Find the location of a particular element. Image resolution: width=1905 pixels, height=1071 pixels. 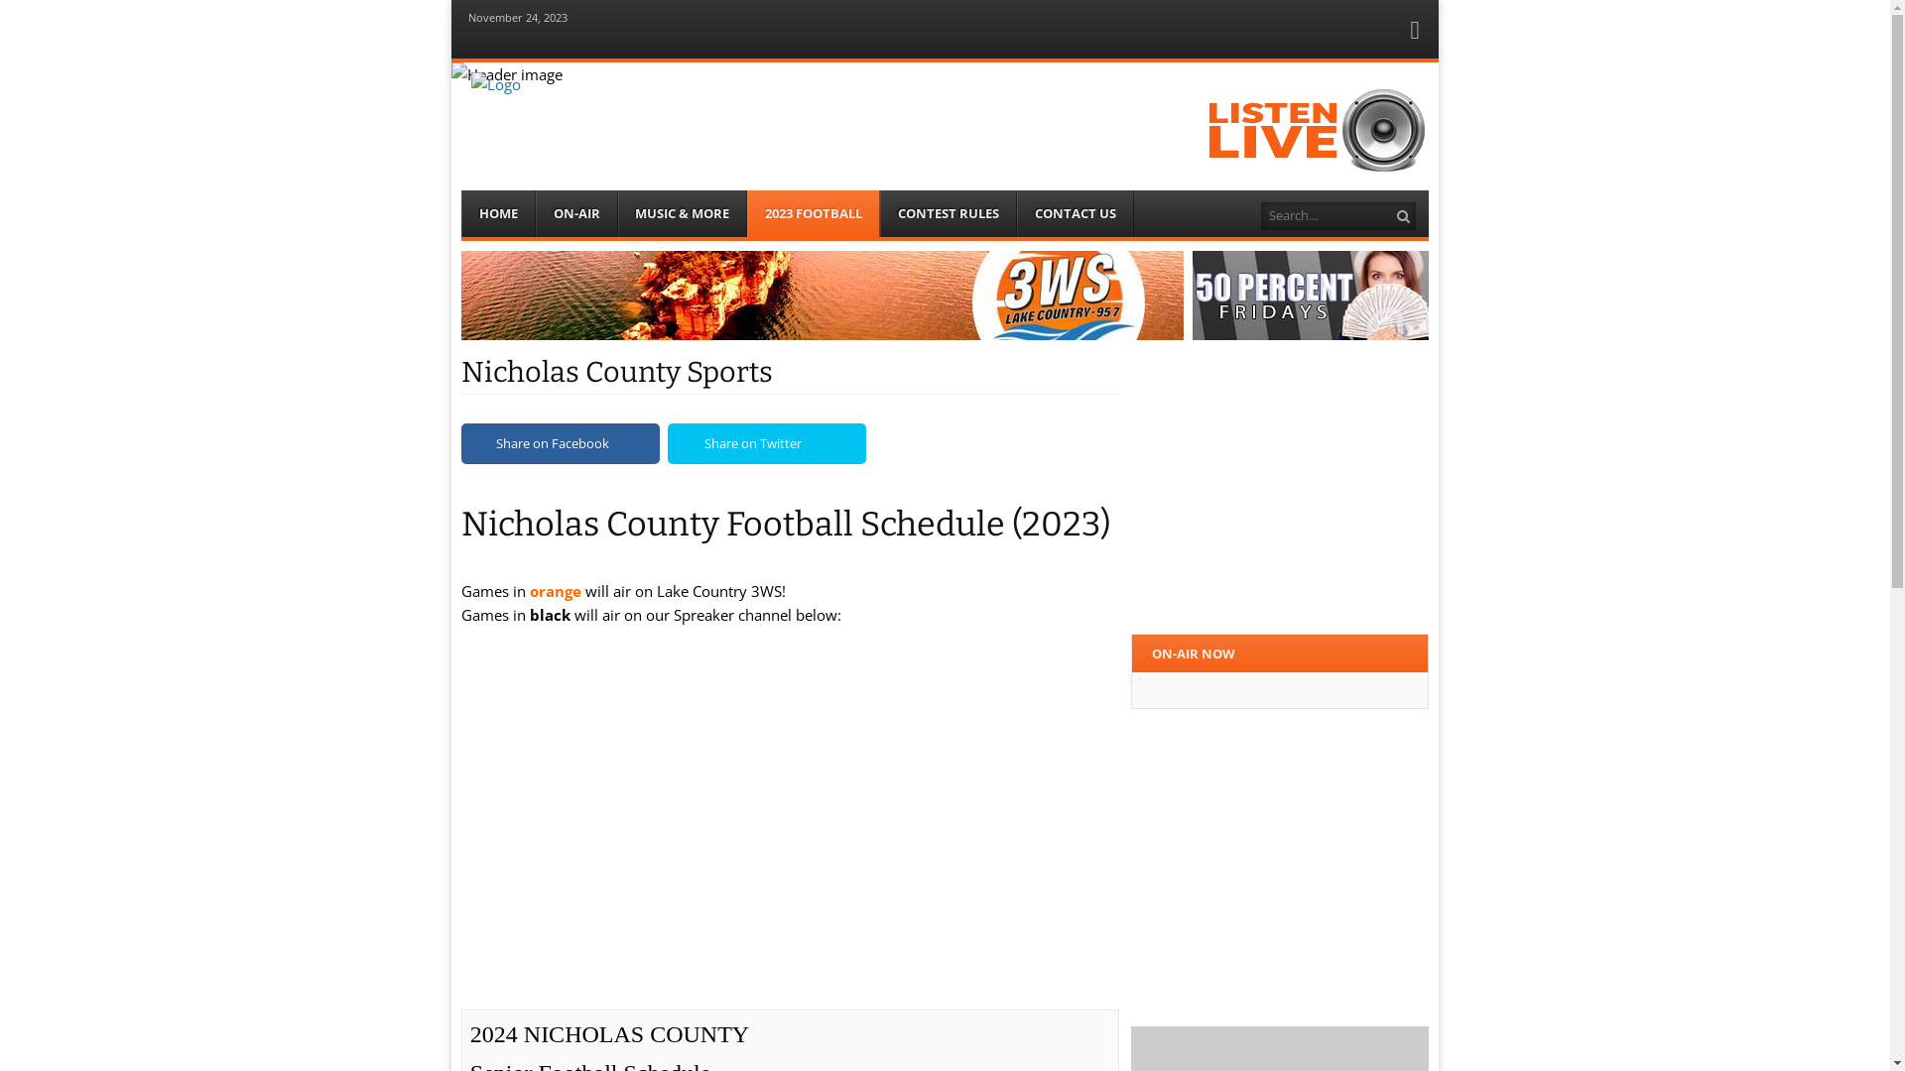

'ON-AIR' is located at coordinates (535, 213).